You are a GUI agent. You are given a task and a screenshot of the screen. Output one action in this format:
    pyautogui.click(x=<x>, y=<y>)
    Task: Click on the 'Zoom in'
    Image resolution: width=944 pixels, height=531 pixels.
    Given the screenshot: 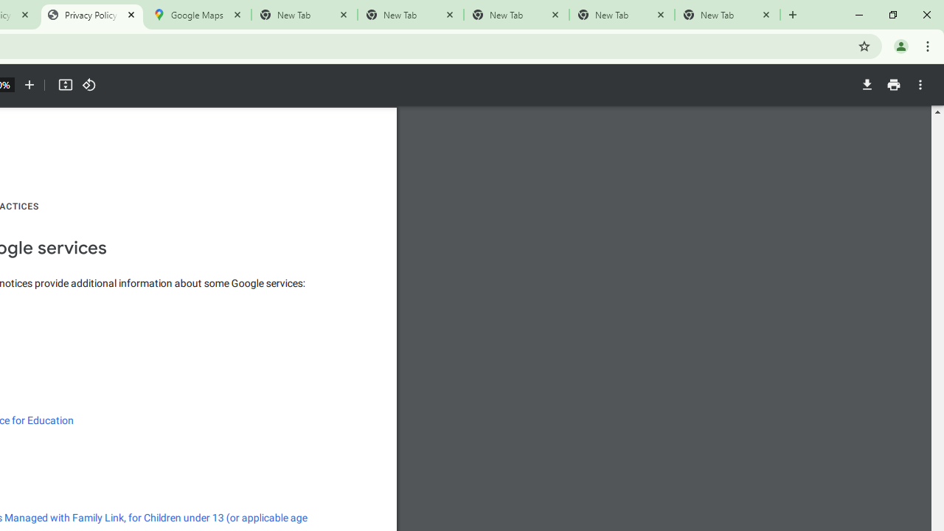 What is the action you would take?
    pyautogui.click(x=29, y=85)
    